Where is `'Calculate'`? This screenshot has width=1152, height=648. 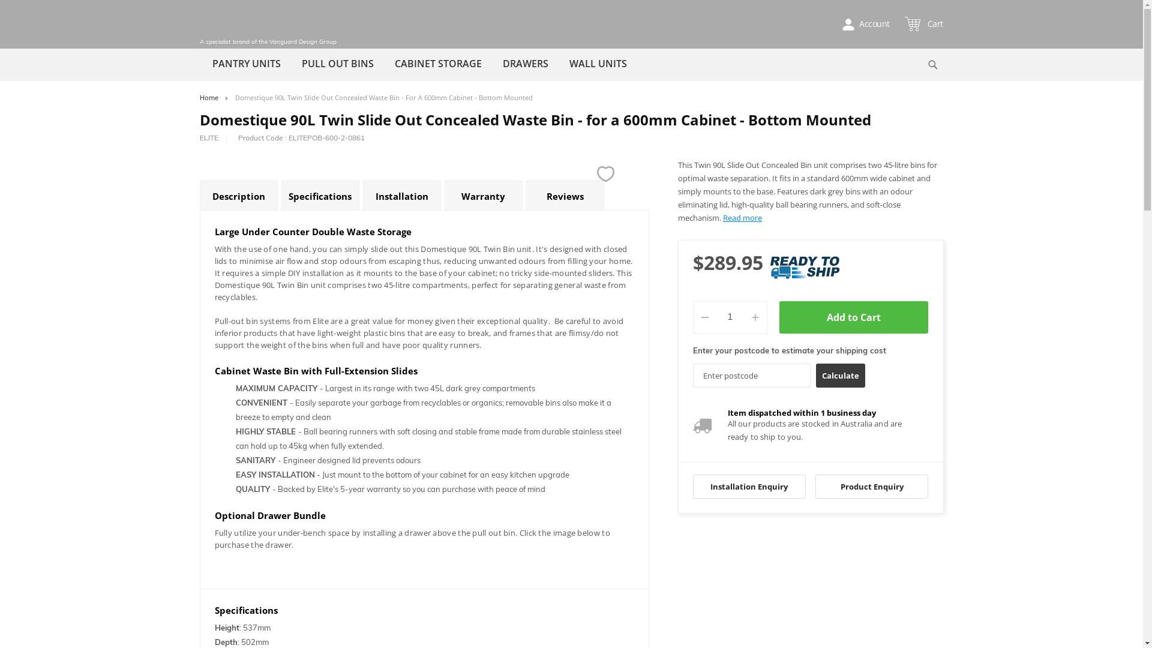
'Calculate' is located at coordinates (840, 374).